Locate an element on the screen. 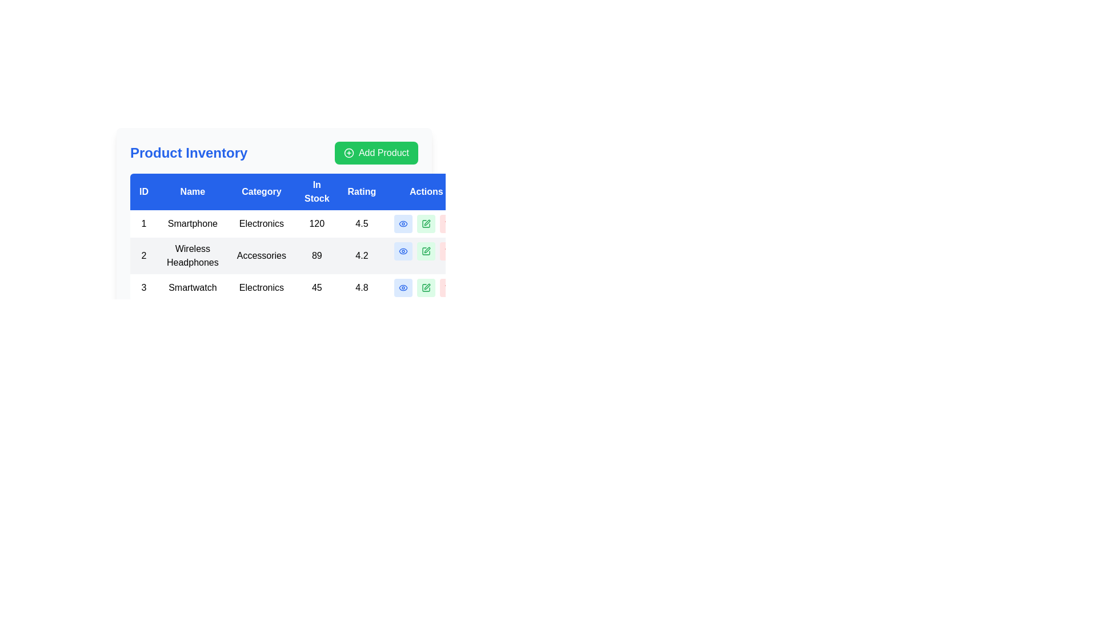 This screenshot has height=617, width=1097. the text label displaying 'Electronics' in the 'Category' column of the table, located in the third row under the product 'Smartwatch' is located at coordinates (261, 287).